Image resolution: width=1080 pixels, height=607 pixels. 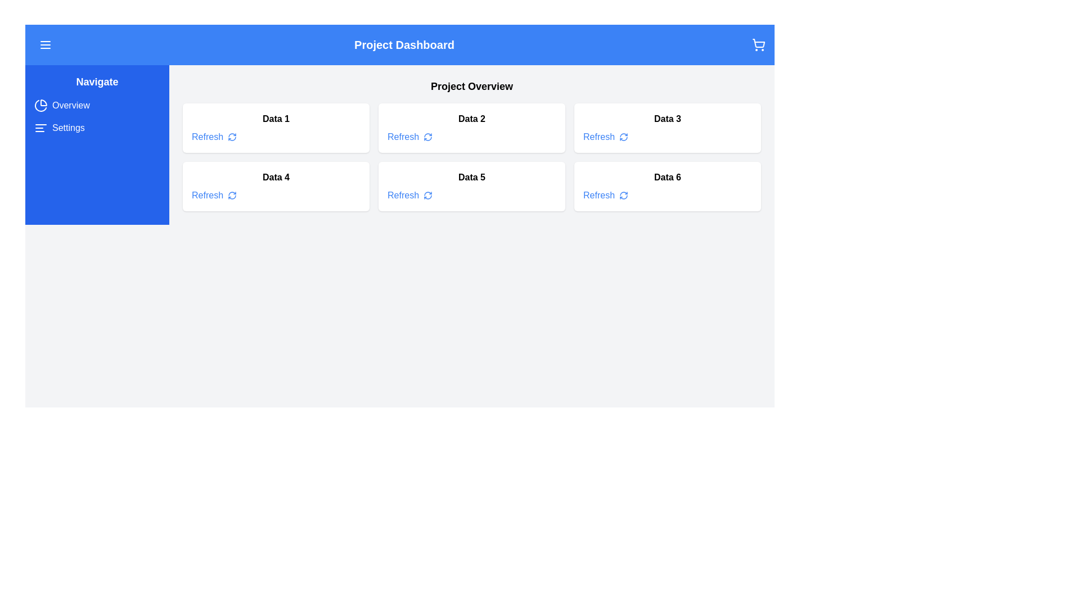 I want to click on the navigation button labeled 'Overview' located in the sidebar menu, positioned directly below the header 'Navigate' and above the 'Settings' item, so click(x=61, y=106).